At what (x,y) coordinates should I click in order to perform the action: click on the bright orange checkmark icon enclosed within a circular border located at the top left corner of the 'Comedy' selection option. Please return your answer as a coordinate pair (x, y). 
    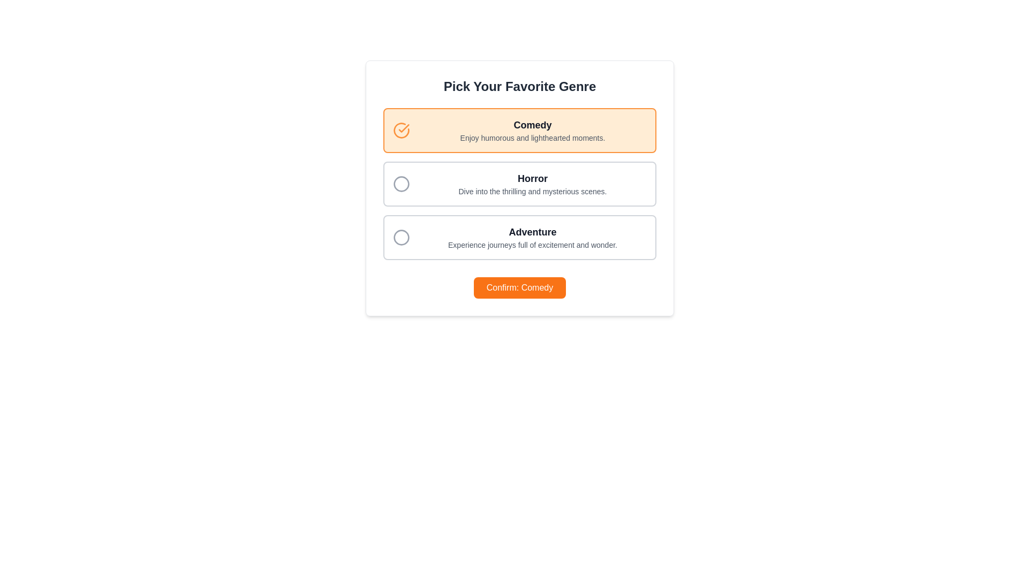
    Looking at the image, I should click on (400, 130).